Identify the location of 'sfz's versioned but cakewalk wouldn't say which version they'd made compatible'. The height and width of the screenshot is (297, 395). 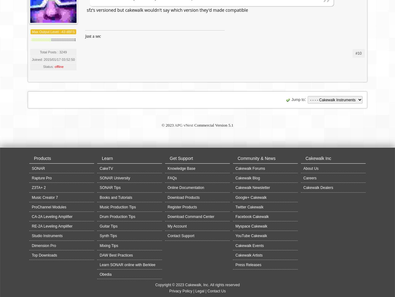
(167, 10).